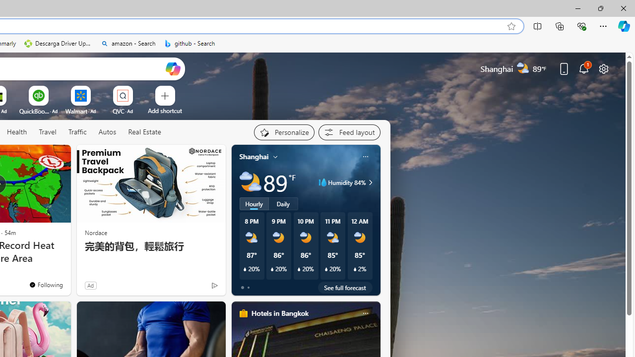 The width and height of the screenshot is (635, 357). Describe the element at coordinates (243, 313) in the screenshot. I see `'hotels-header-icon'` at that location.